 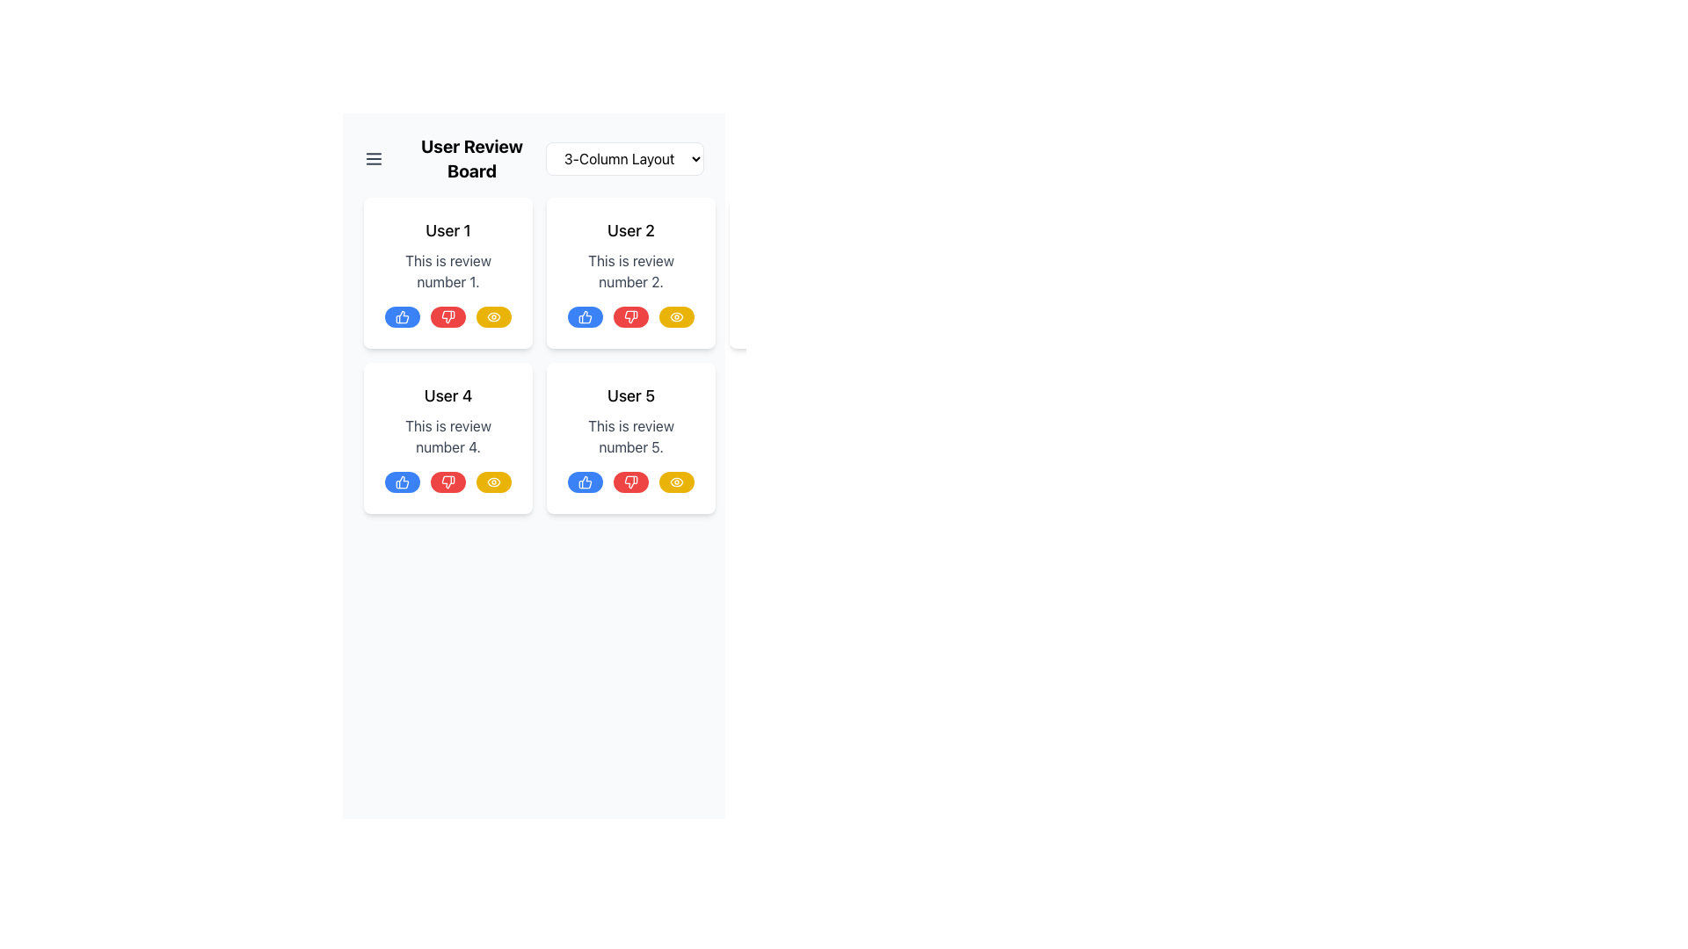 I want to click on the 'view' button located in the bottom-right corner of the card labeled 'User 4', which is the third button in the action bar following the thumbs-up and thumbs-down buttons, so click(x=492, y=482).